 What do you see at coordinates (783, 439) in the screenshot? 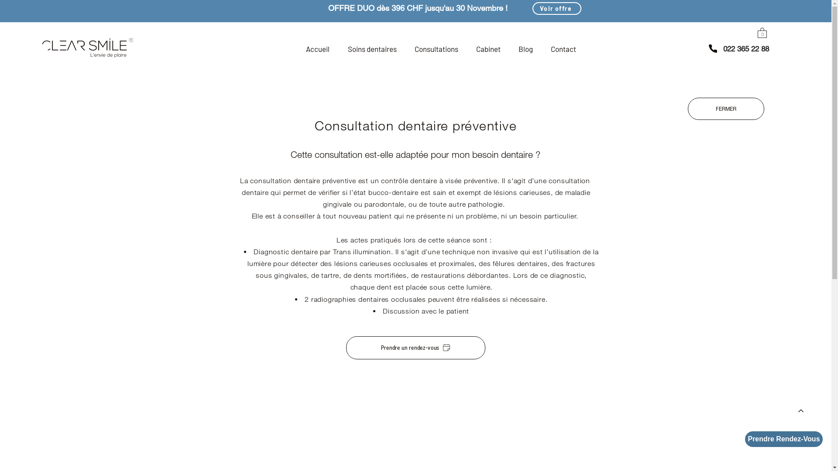
I see `'Prendre Rendez-Vous'` at bounding box center [783, 439].